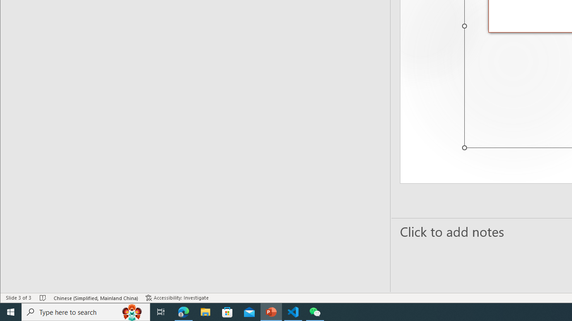 This screenshot has height=321, width=572. What do you see at coordinates (177, 298) in the screenshot?
I see `'Accessibility Checker Accessibility: Investigate'` at bounding box center [177, 298].